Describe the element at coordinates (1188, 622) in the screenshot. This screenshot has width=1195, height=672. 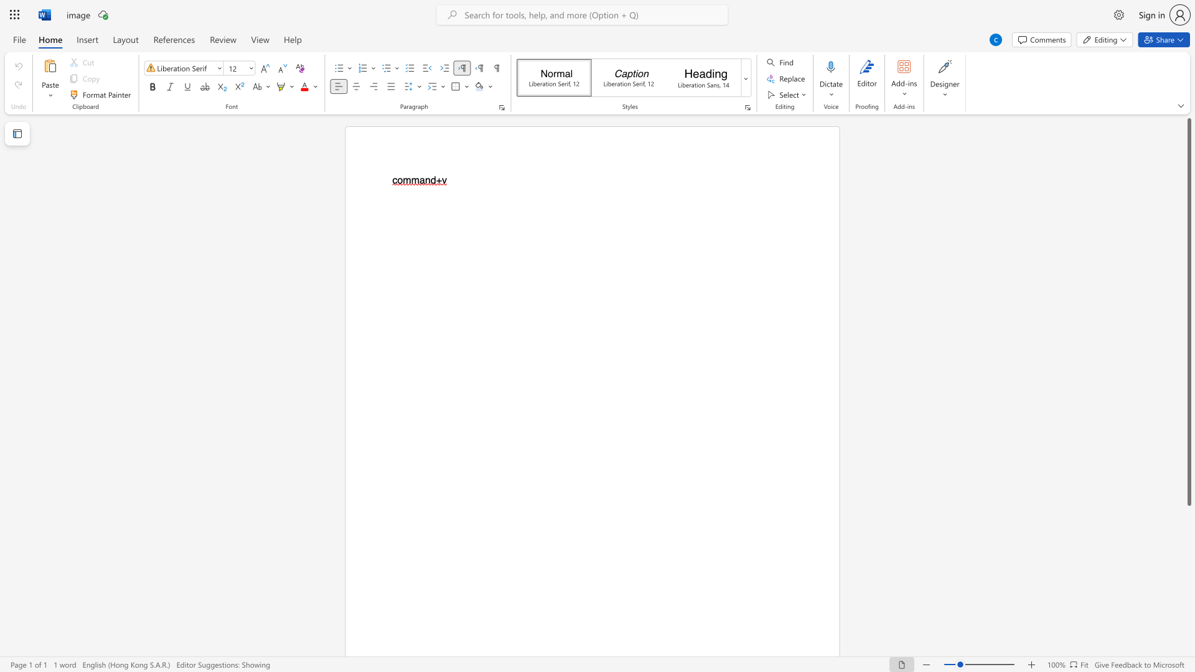
I see `the scrollbar to move the page downward` at that location.